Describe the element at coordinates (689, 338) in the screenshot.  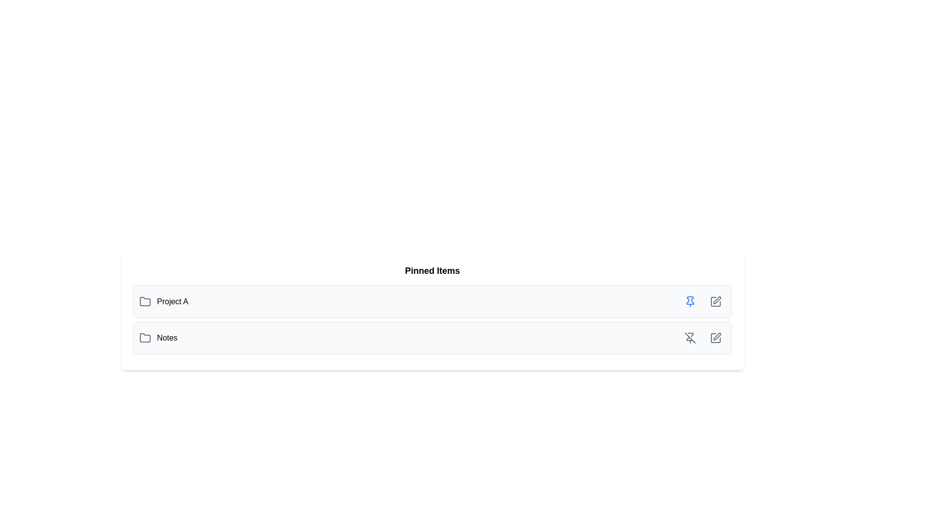
I see `the unpin button with a crossed-out pin icon located adjacent to the edit icon in the 'Pinned Items' section` at that location.